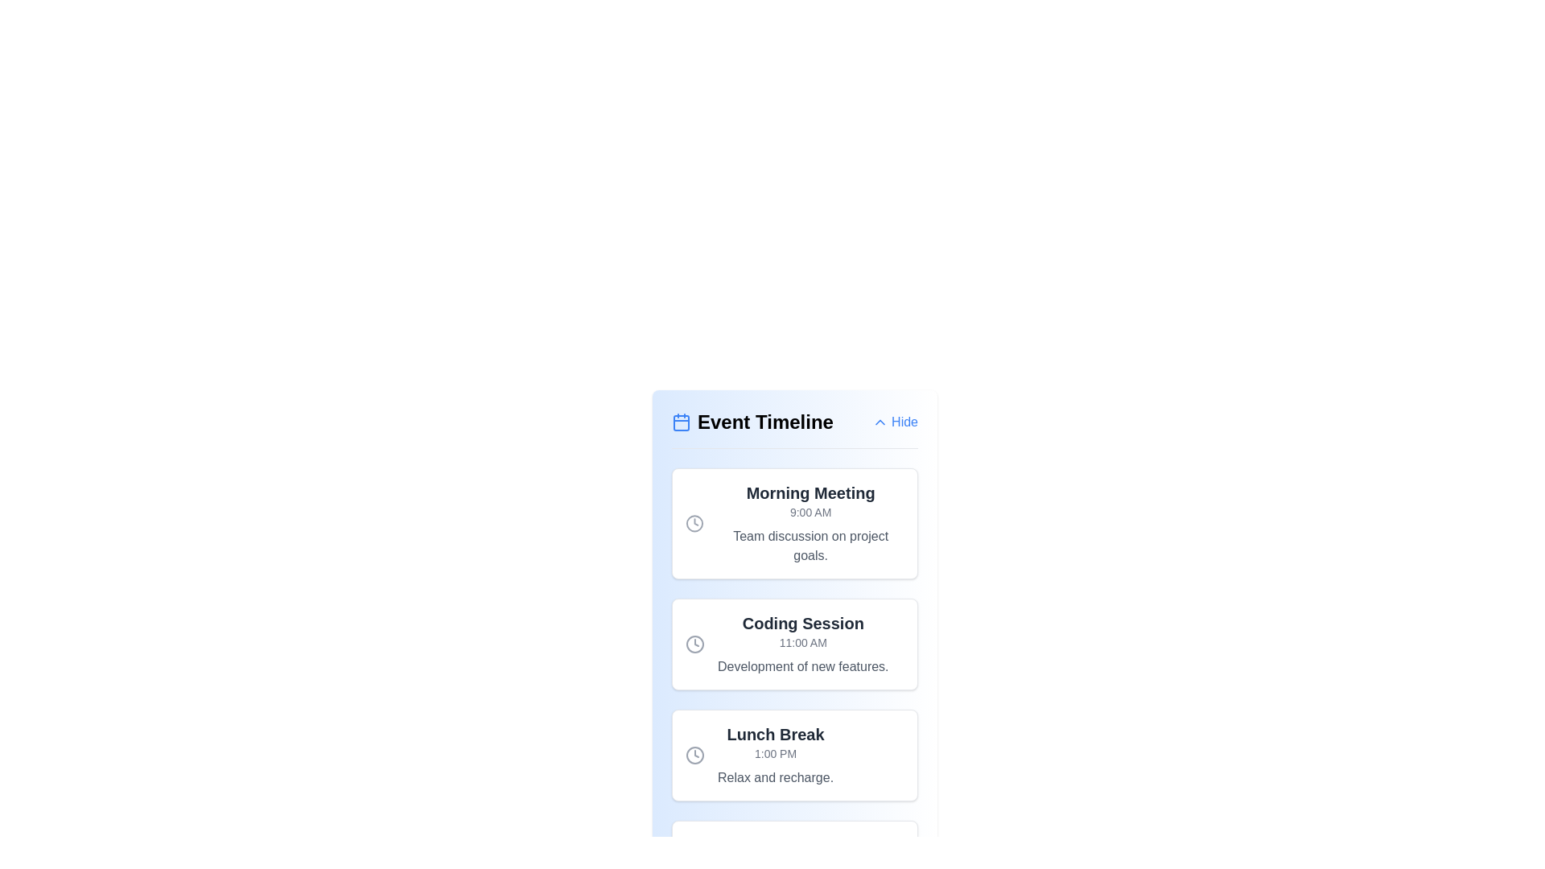 The width and height of the screenshot is (1545, 869). Describe the element at coordinates (803, 644) in the screenshot. I see `the text display component located centrally within the second event card of the vertical timeline, which provides details about the scheduled event` at that location.